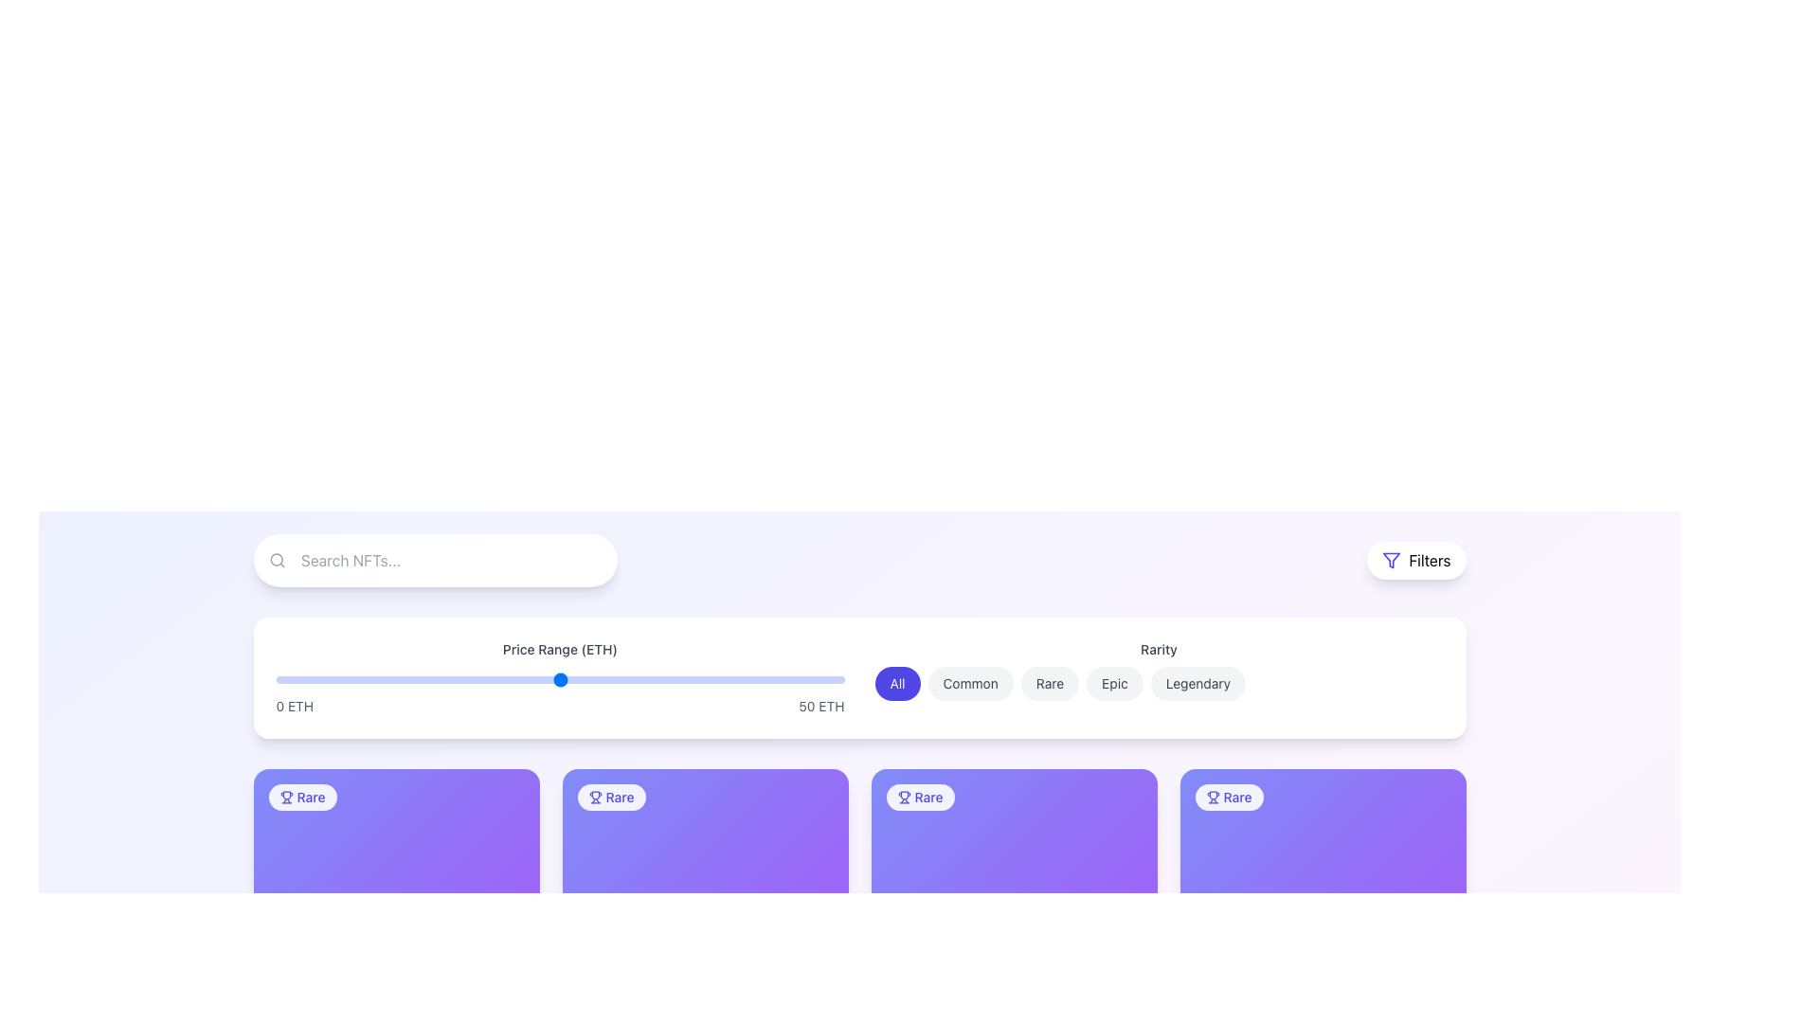 This screenshot has height=1023, width=1819. I want to click on the slider value, so click(503, 678).